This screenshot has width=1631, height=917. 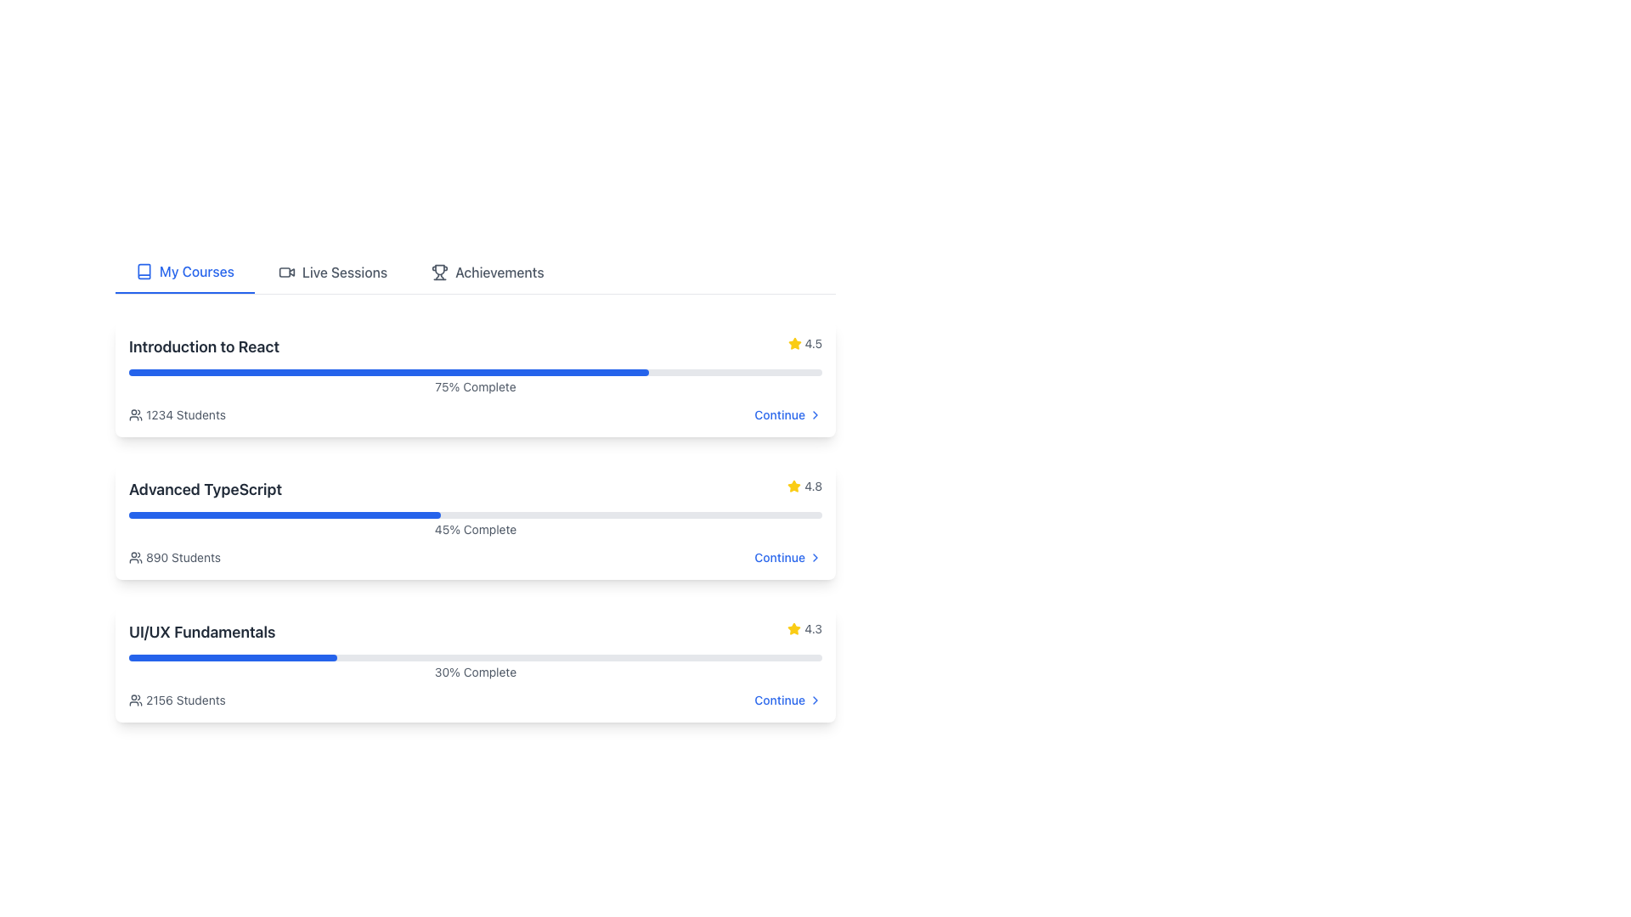 I want to click on the accessibility link located at the bottom right corner of the UI/UX Fundamentals course card, so click(x=787, y=700).